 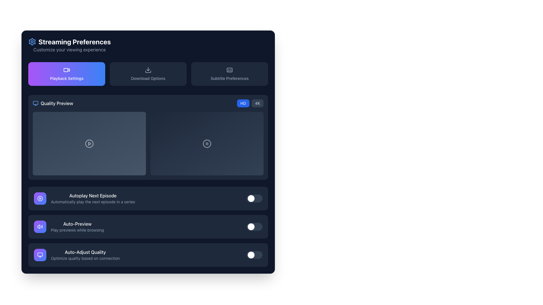 I want to click on information from the Text component displaying 'Autoplay Next Episode' and its description in the settings under 'Playback Settings', so click(x=93, y=198).